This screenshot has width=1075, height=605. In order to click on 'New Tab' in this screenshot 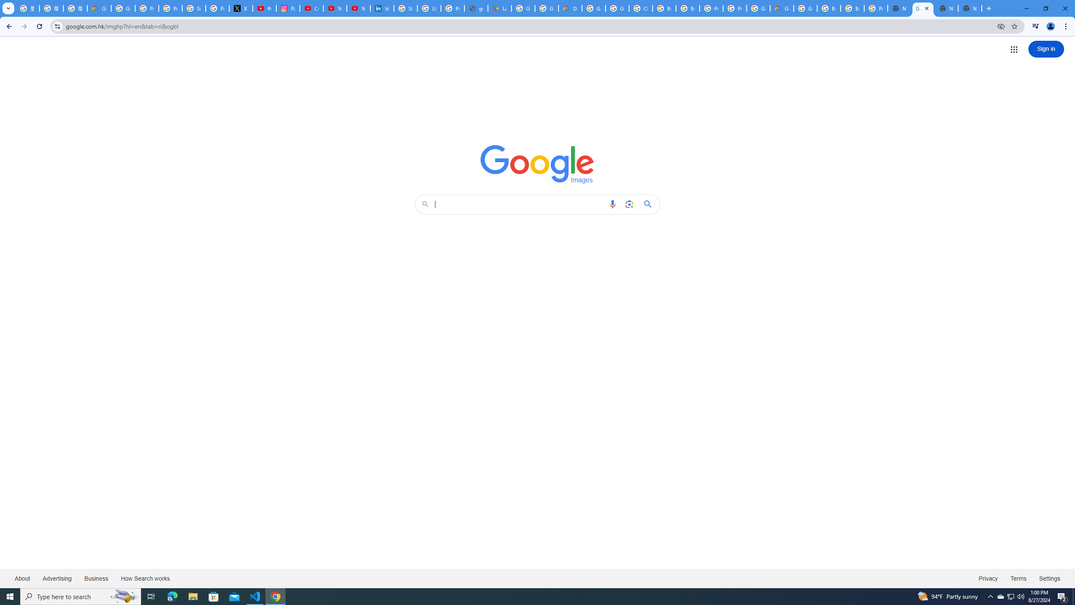, I will do `click(970, 8)`.